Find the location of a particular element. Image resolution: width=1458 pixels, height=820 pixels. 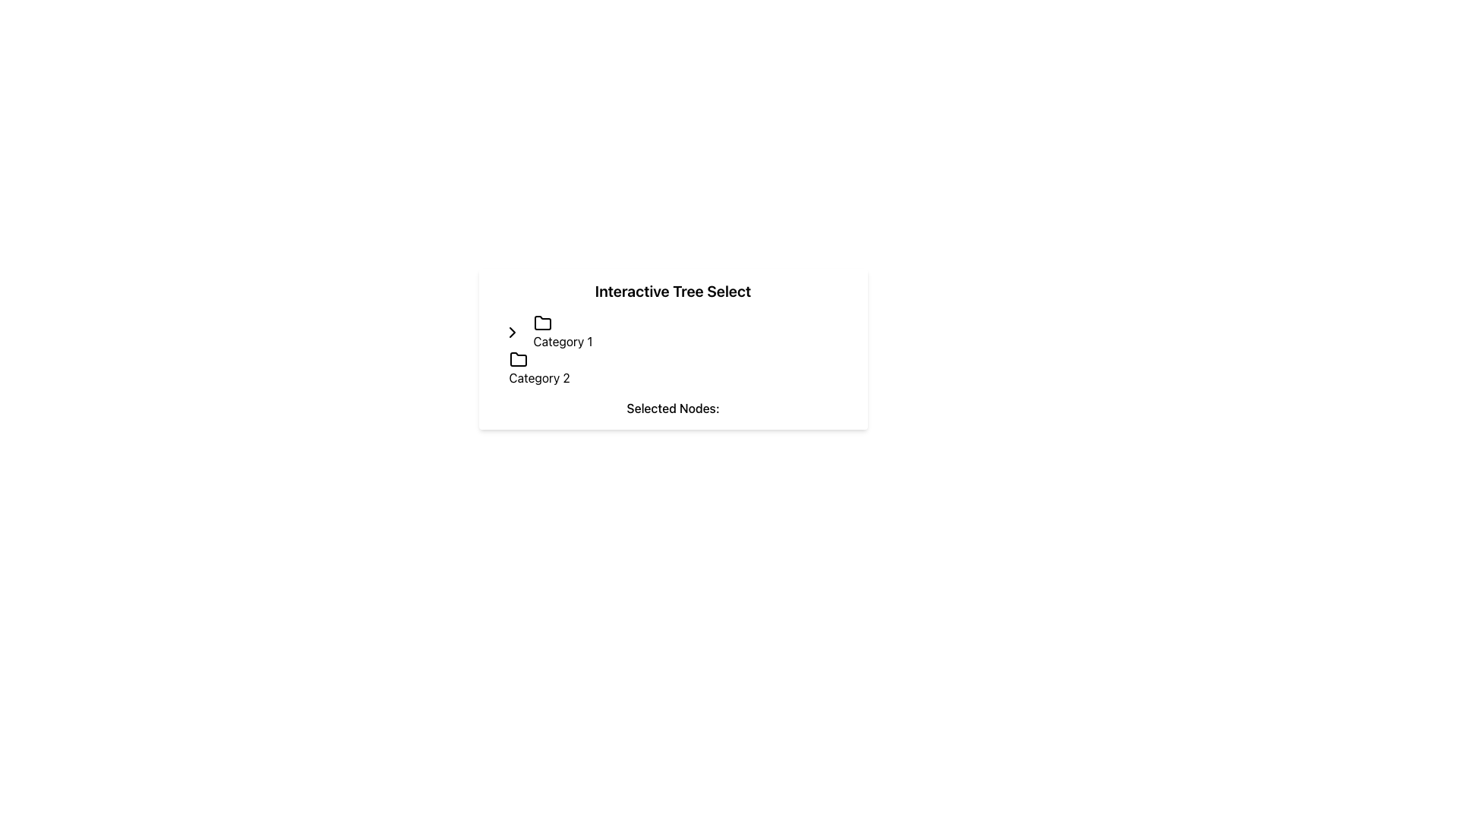

the text label representing a selectable category located under 'Category 1' in the hierarchical navigation interface is located at coordinates (539, 369).